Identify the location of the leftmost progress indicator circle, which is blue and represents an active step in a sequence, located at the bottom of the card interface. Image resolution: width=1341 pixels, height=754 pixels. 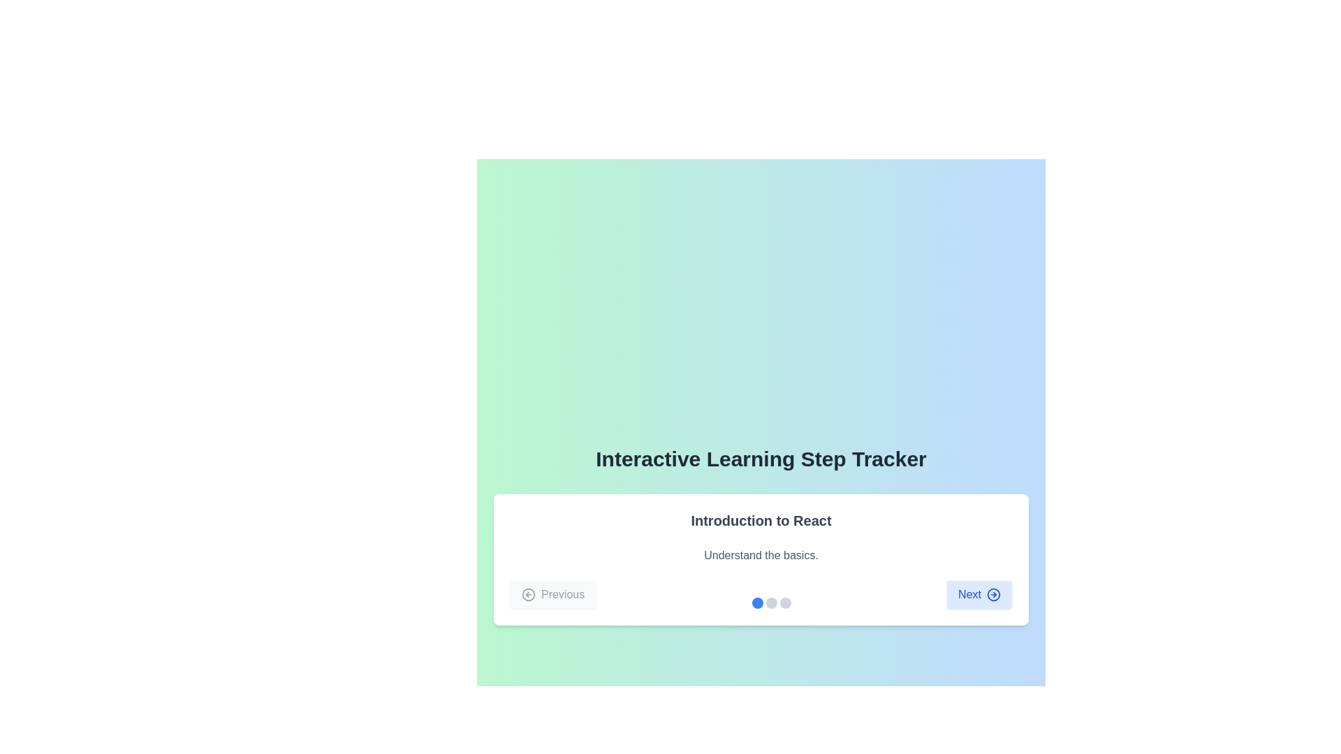
(756, 603).